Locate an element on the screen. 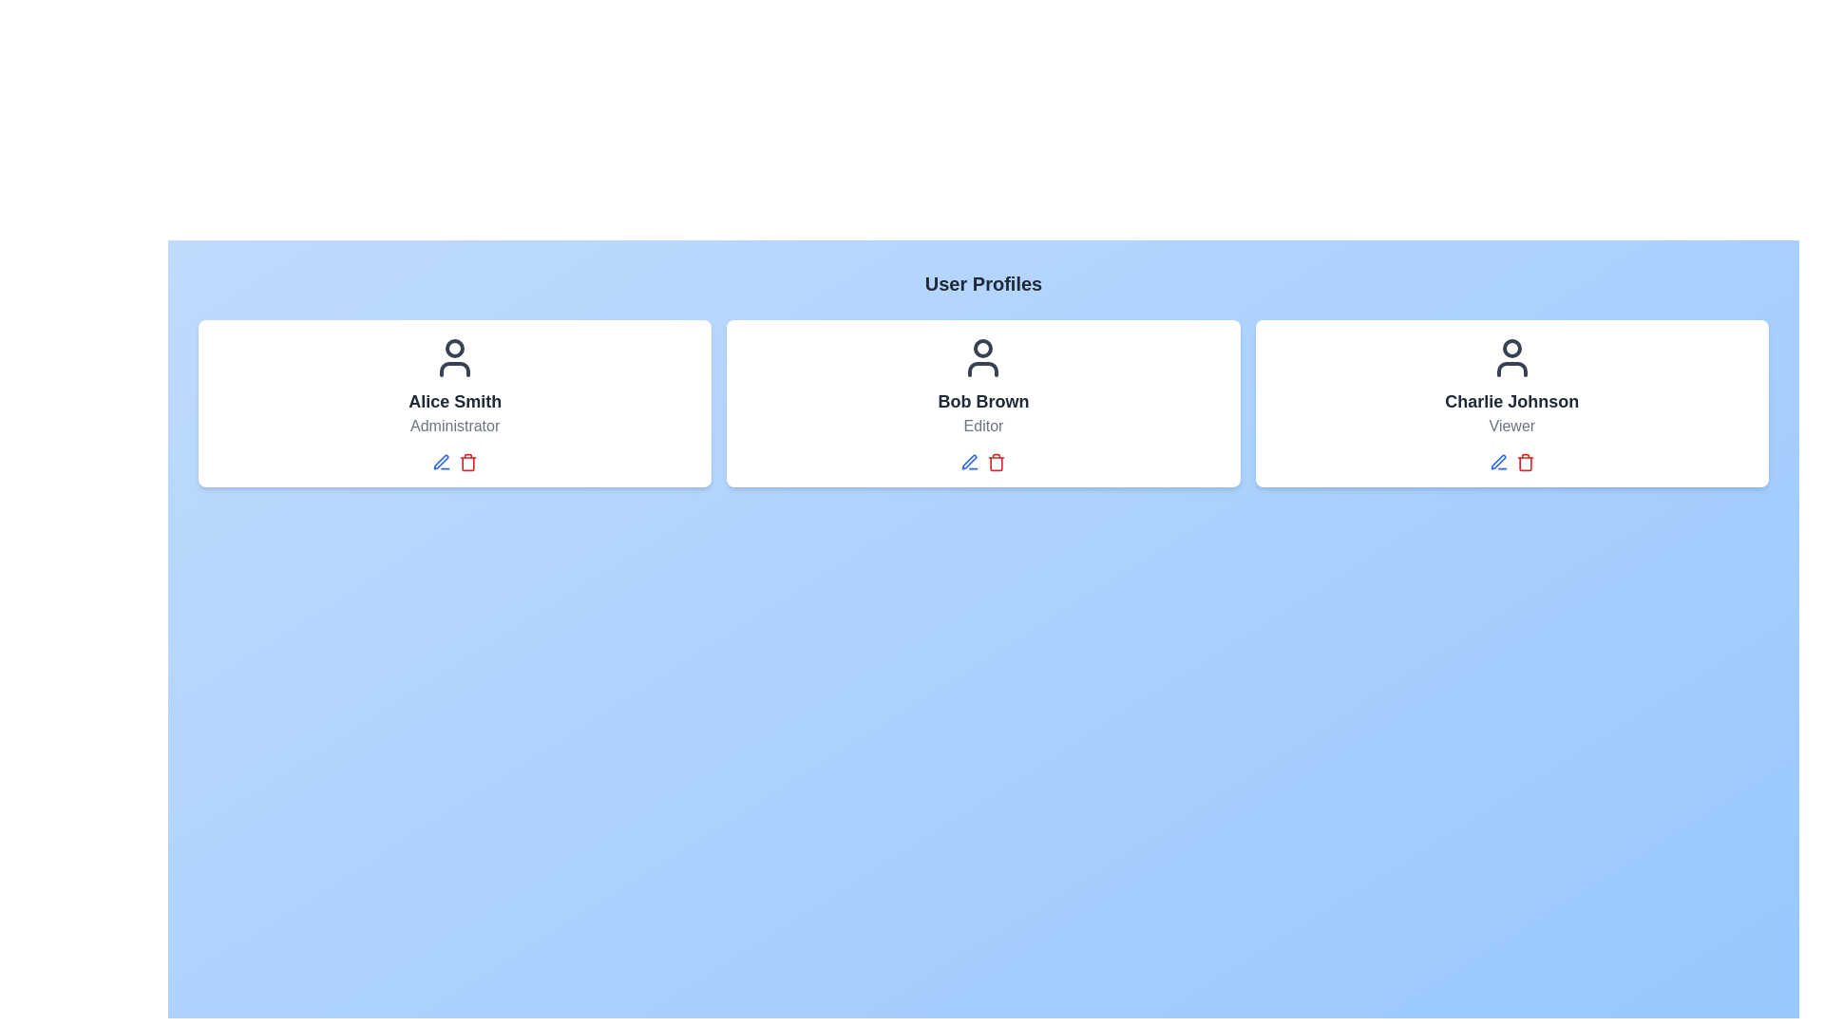 Image resolution: width=1824 pixels, height=1026 pixels. the circular graphical SVG element that is visually centered at the top of the user profile card icon is located at coordinates (454, 348).